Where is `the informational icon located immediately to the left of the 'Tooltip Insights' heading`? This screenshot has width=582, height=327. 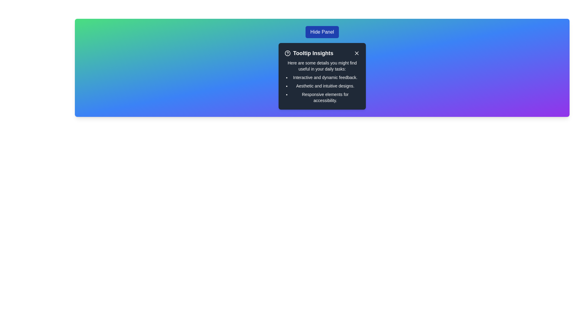
the informational icon located immediately to the left of the 'Tooltip Insights' heading is located at coordinates (287, 53).